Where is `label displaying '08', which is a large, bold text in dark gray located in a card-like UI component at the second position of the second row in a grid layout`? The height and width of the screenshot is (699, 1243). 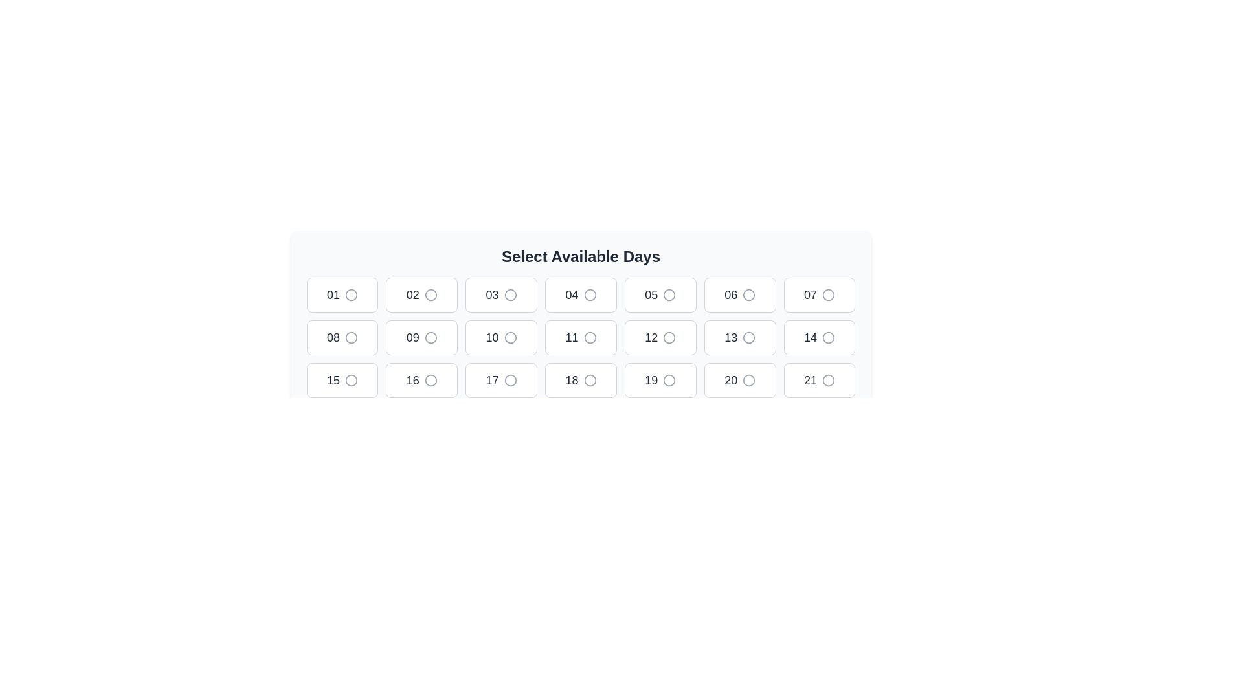 label displaying '08', which is a large, bold text in dark gray located in a card-like UI component at the second position of the second row in a grid layout is located at coordinates (333, 337).